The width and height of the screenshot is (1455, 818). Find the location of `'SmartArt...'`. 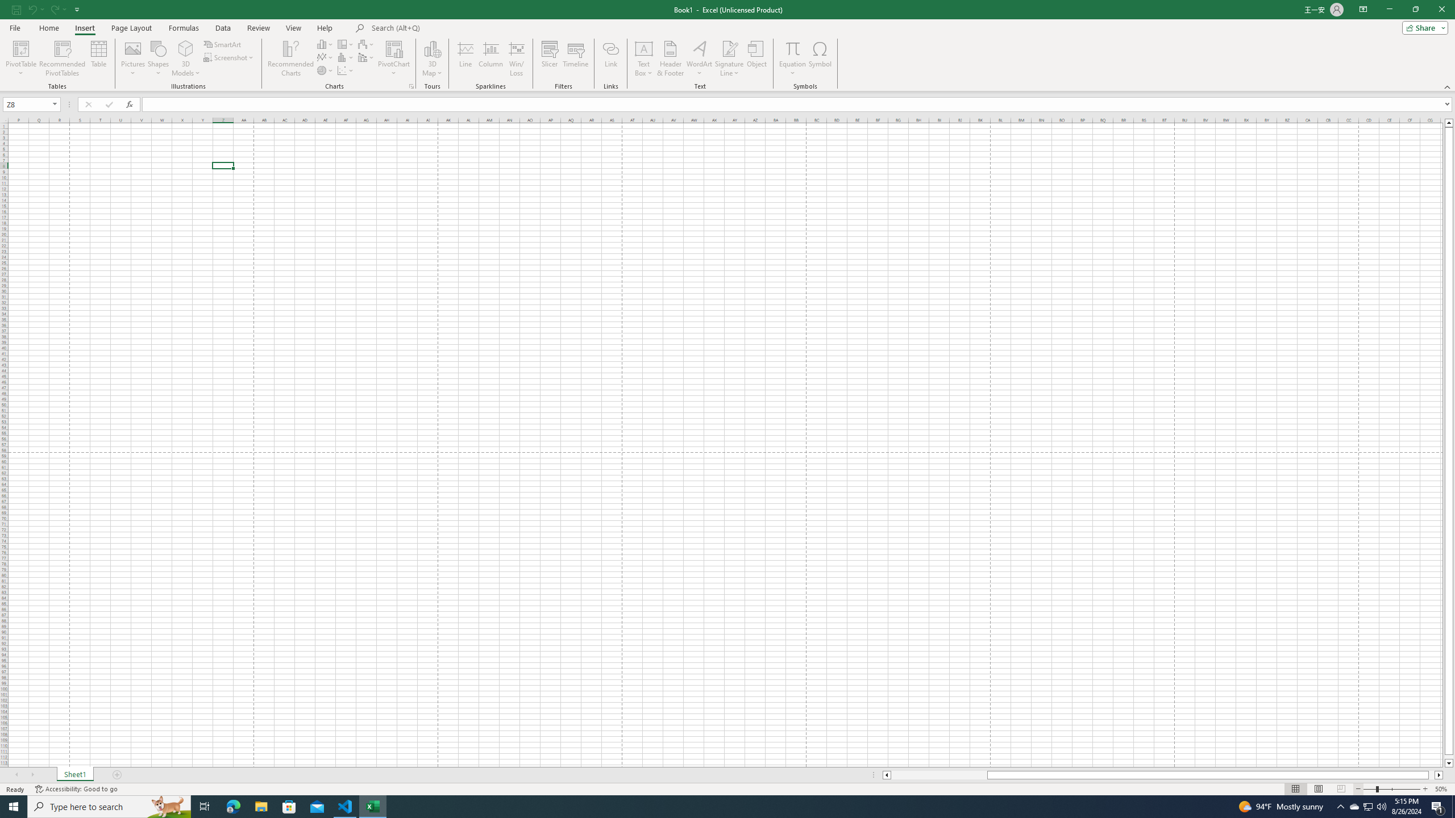

'SmartArt...' is located at coordinates (222, 44).